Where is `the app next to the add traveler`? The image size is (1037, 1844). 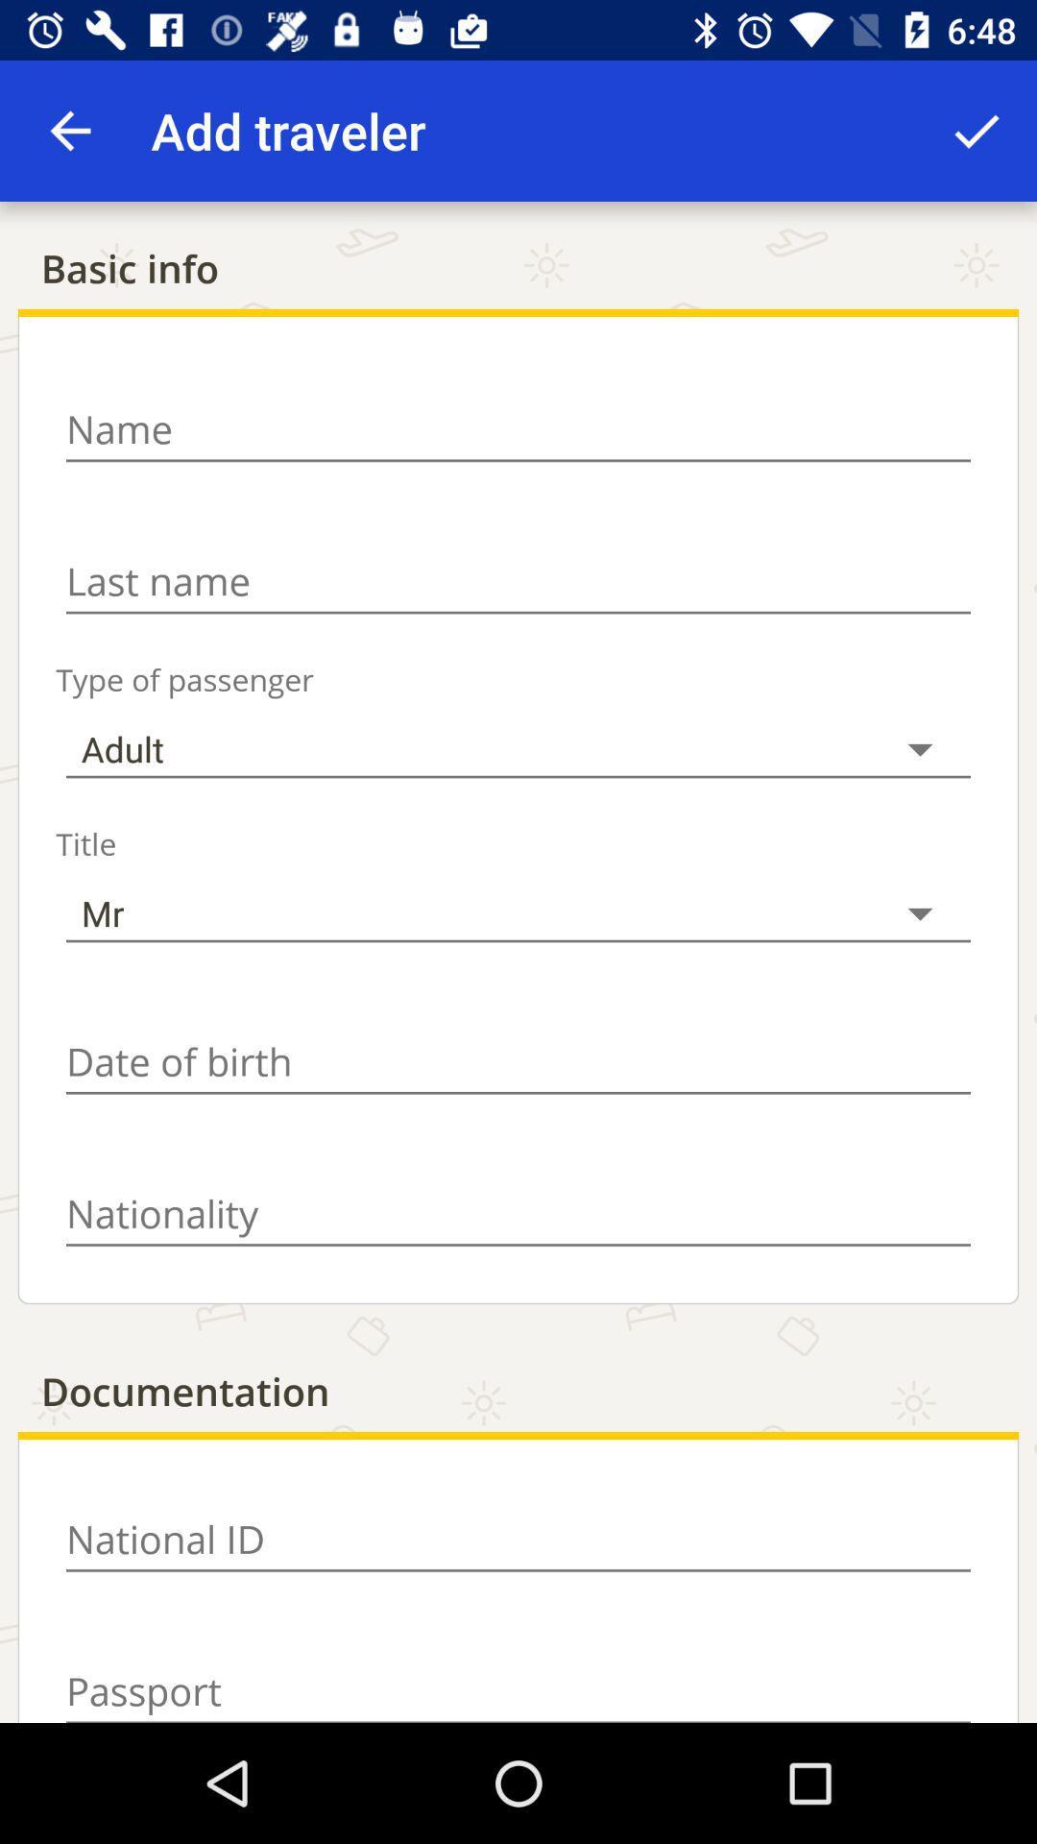
the app next to the add traveler is located at coordinates (977, 130).